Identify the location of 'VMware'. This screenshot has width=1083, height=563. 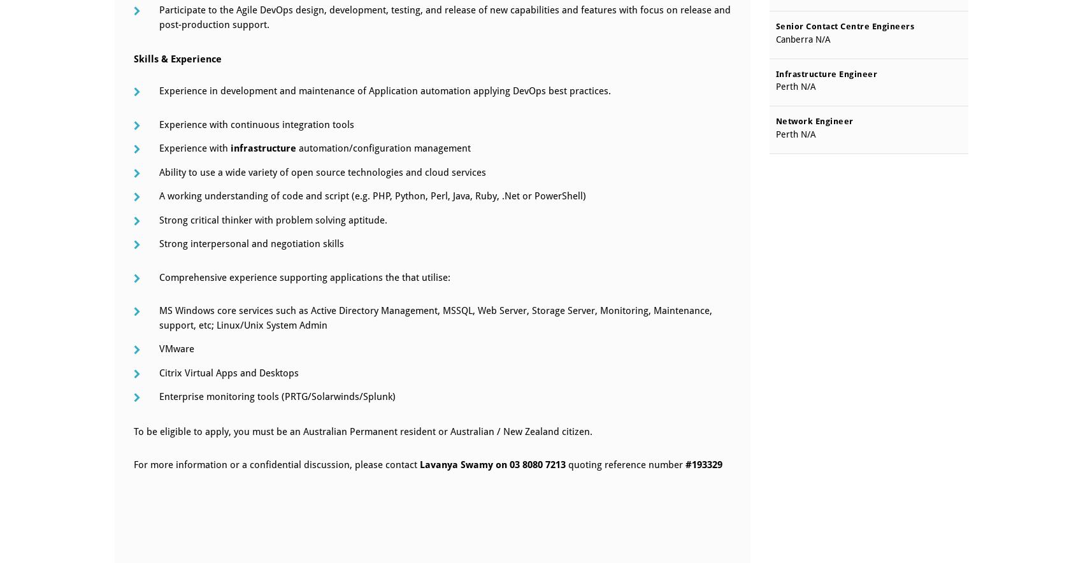
(176, 348).